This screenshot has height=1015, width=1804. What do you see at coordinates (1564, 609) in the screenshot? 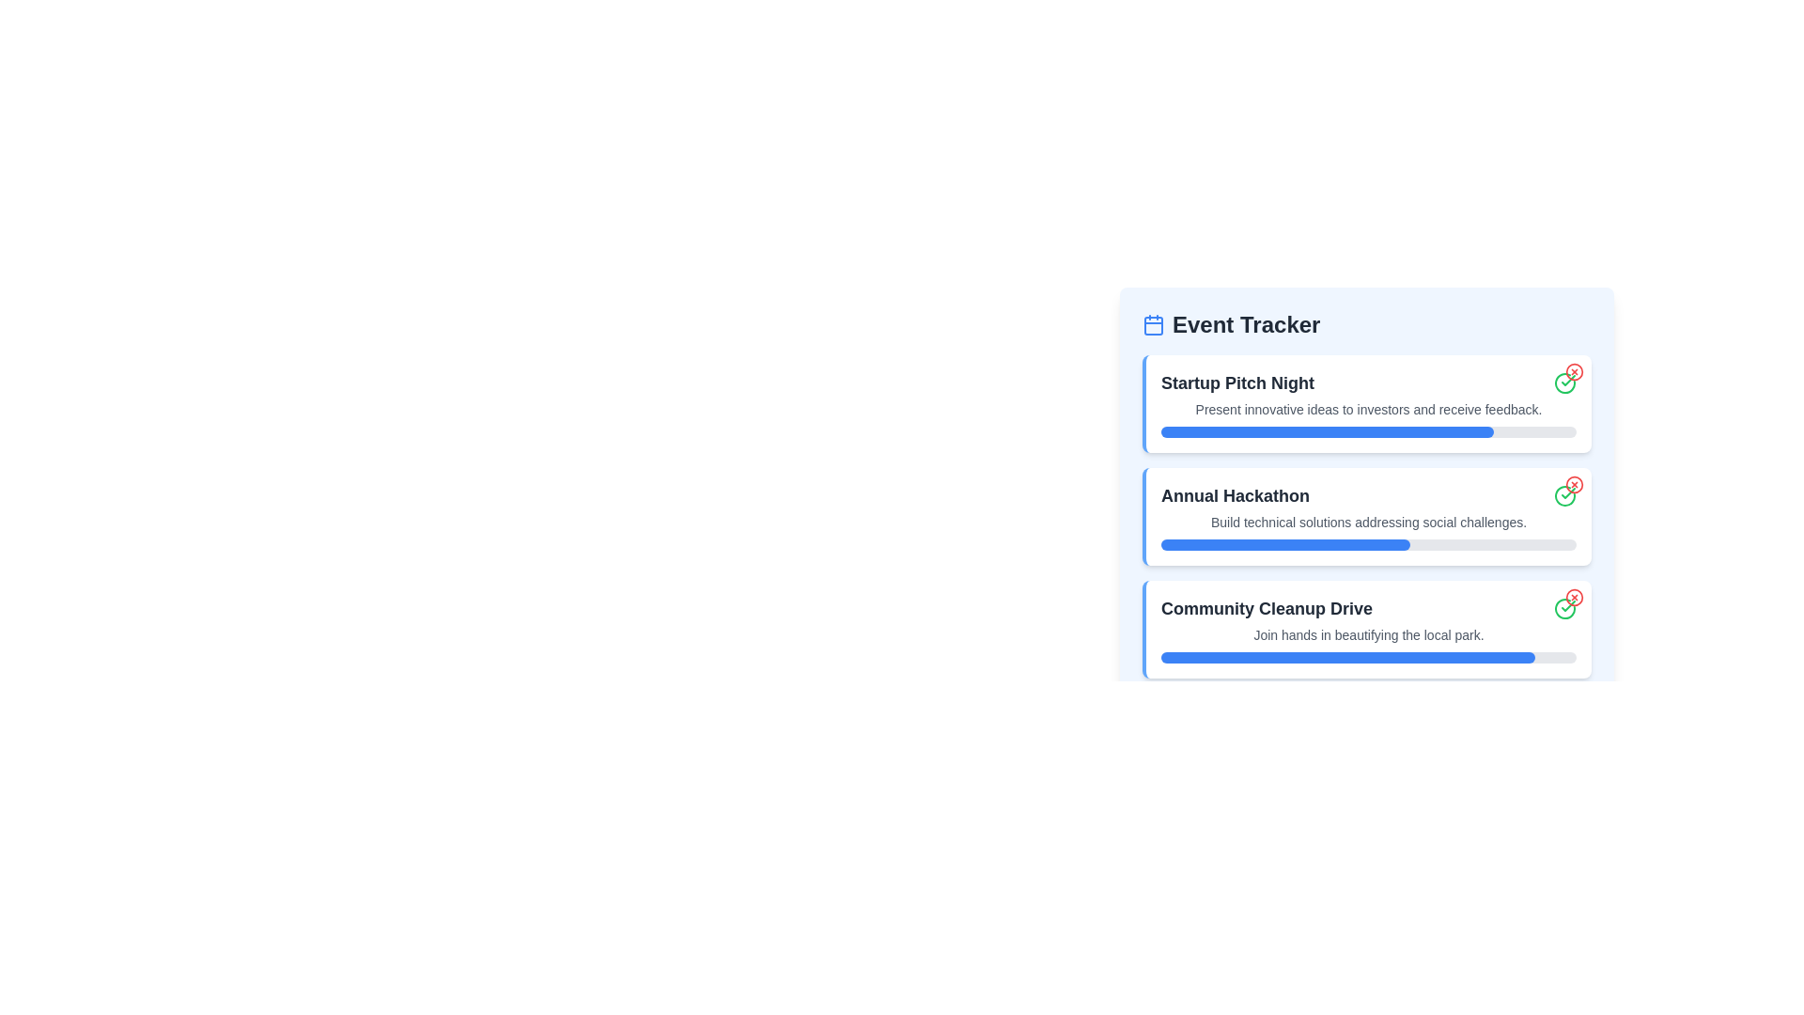
I see `the circular part of the SVG icon styled with a green stroke, which represents a check or approval symbol, located near the right side of the 'Startup Pitch Night' text in the 'Event Tracker' section` at bounding box center [1564, 609].